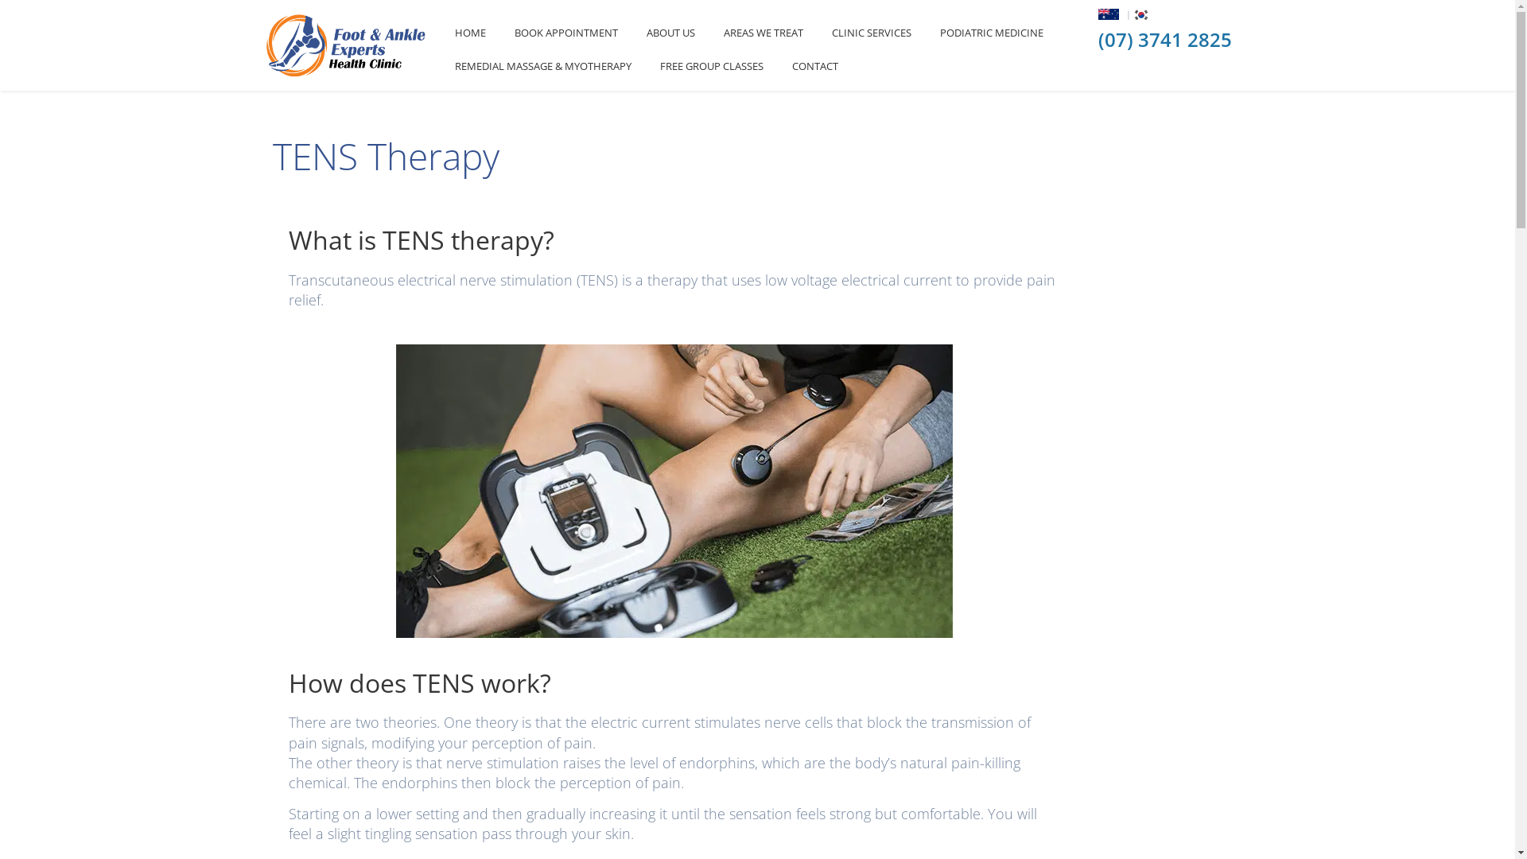 The image size is (1527, 859). I want to click on '(07) 3741 2825', so click(1164, 38).